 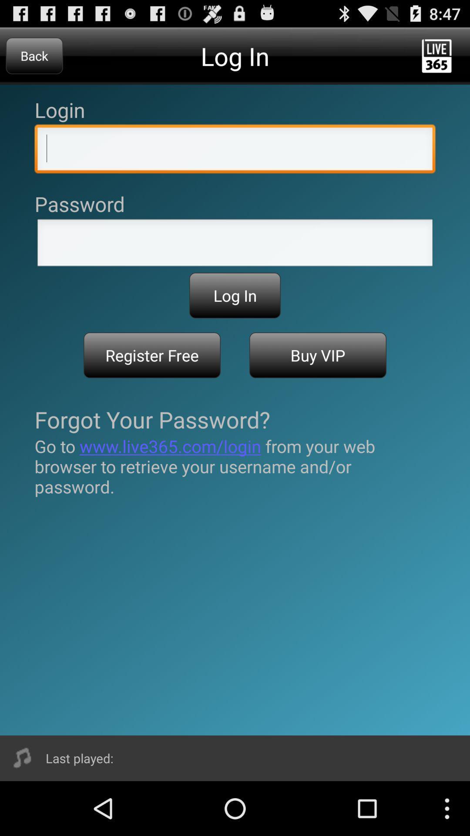 What do you see at coordinates (318, 355) in the screenshot?
I see `the icon above forgot your password?` at bounding box center [318, 355].